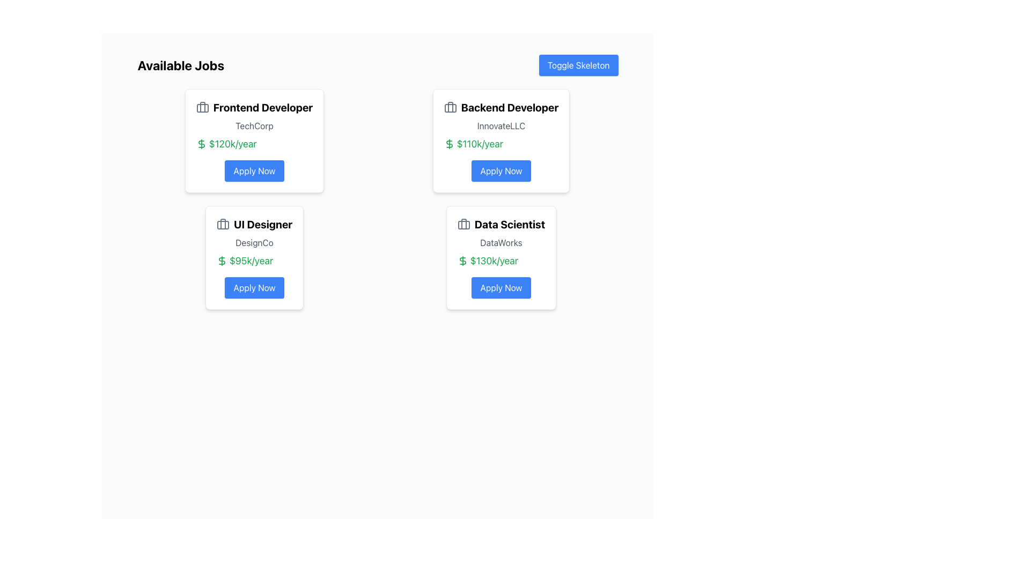  I want to click on the Text Label displaying the company name associated with the 'Data Scientist' job listing, located beneath the job title and above the salary information, so click(501, 242).